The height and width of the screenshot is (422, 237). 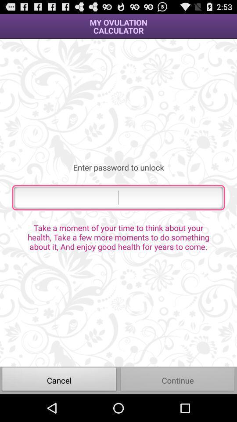 I want to click on the take a moment, so click(x=118, y=236).